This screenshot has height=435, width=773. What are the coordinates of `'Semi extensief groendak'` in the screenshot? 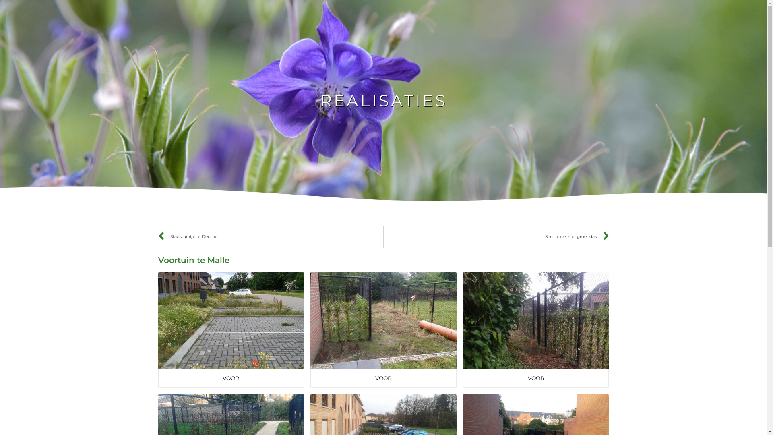 It's located at (496, 236).